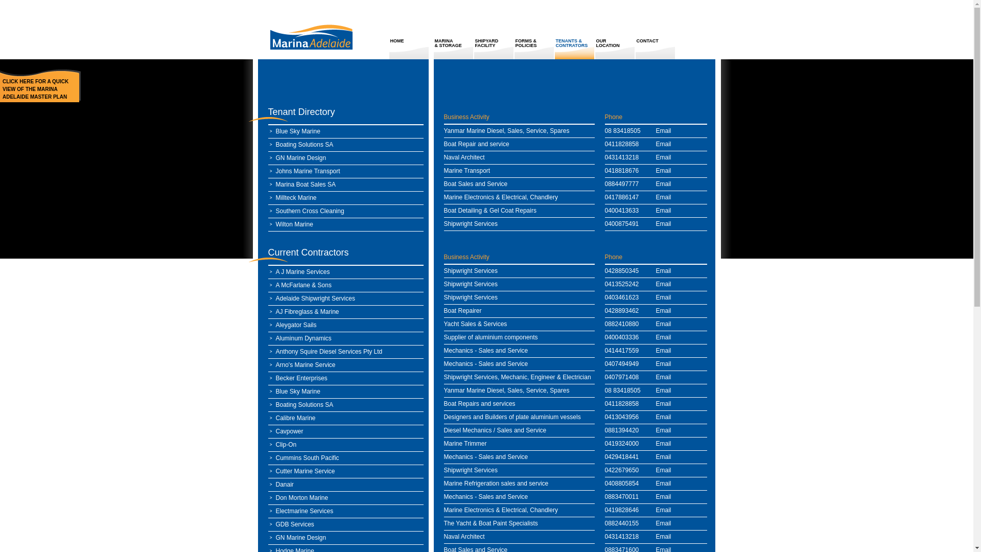 This screenshot has width=981, height=552. What do you see at coordinates (664, 523) in the screenshot?
I see `'Email'` at bounding box center [664, 523].